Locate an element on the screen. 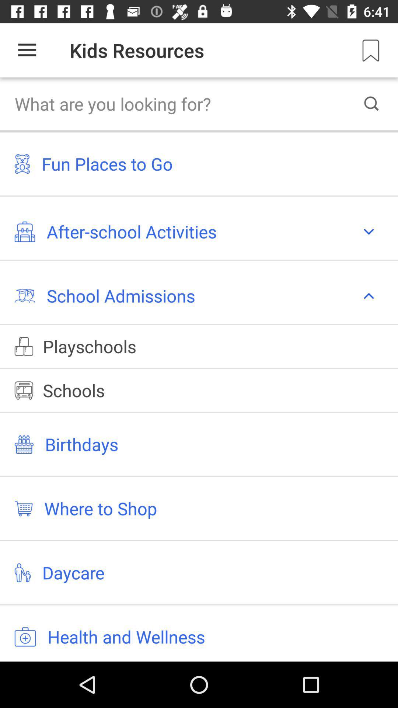 This screenshot has width=398, height=708. the search icon is located at coordinates (371, 103).